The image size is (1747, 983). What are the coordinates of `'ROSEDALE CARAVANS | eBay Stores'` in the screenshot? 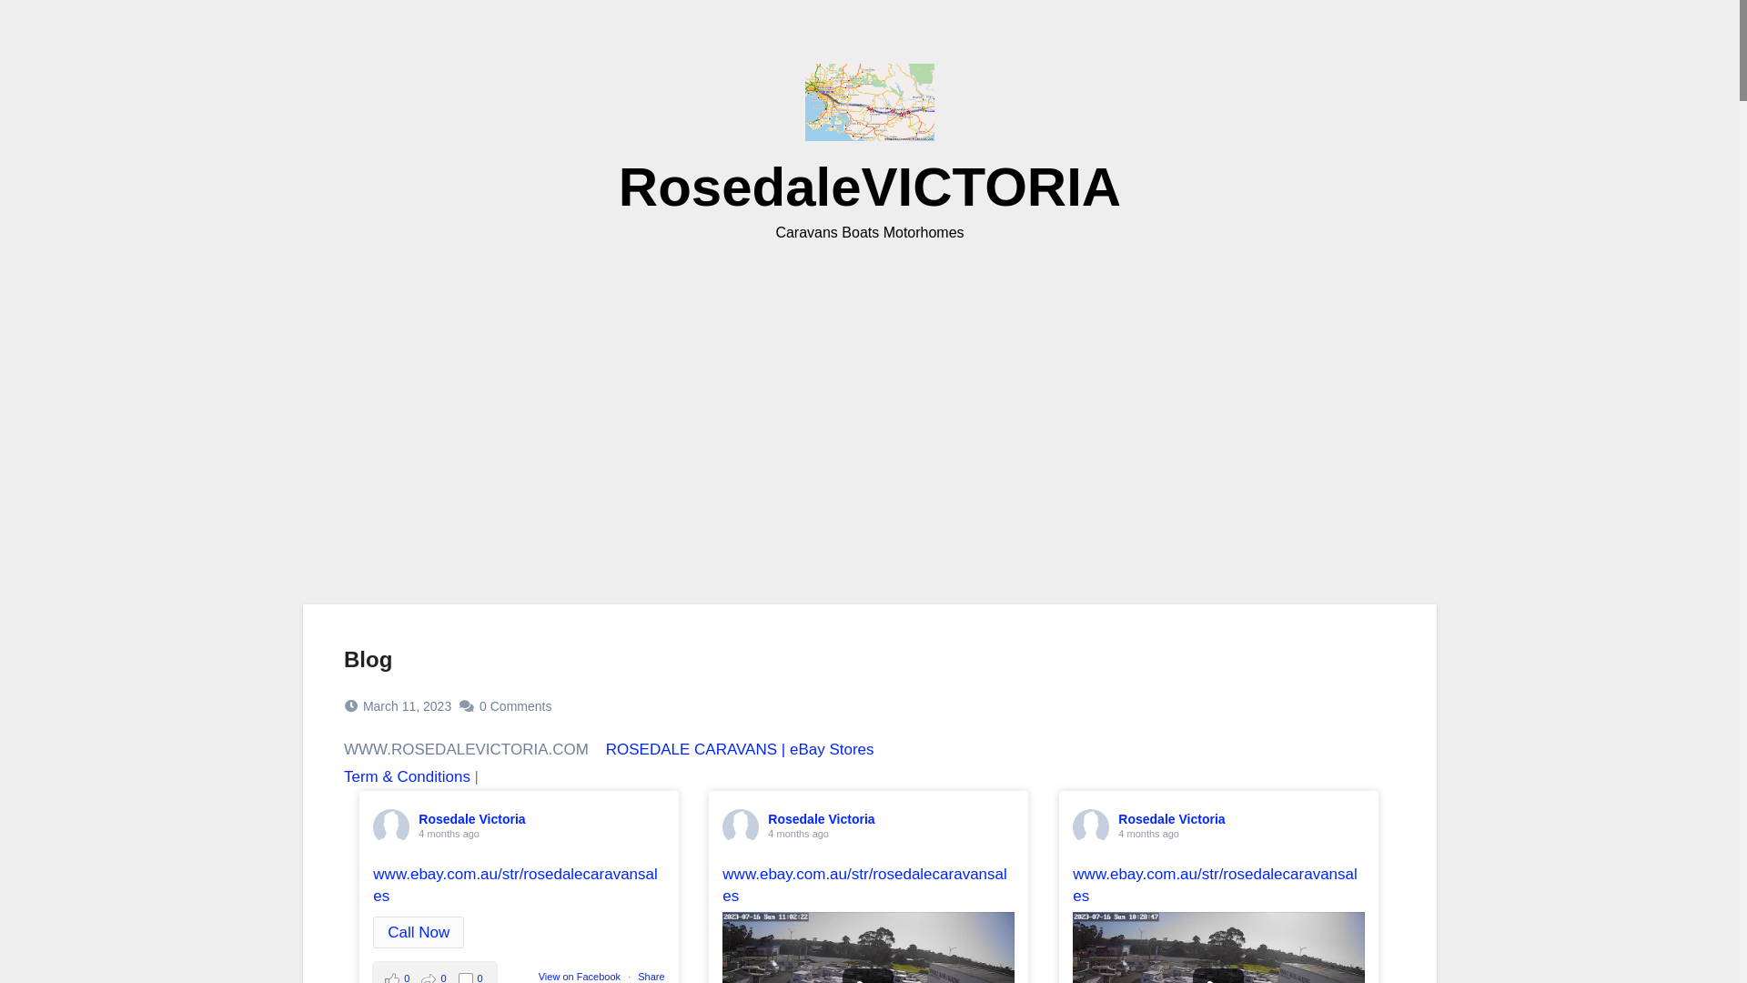 It's located at (740, 749).